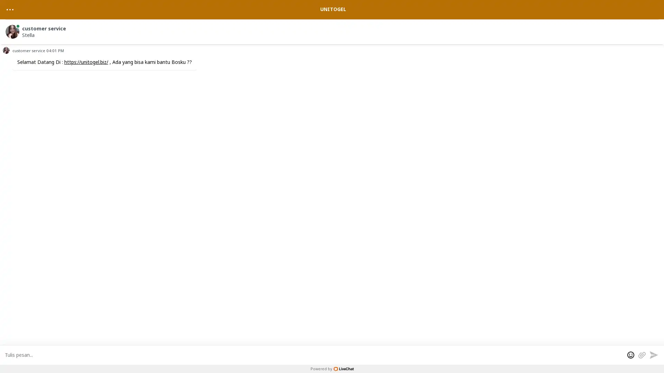  I want to click on Send a file, so click(642, 354).